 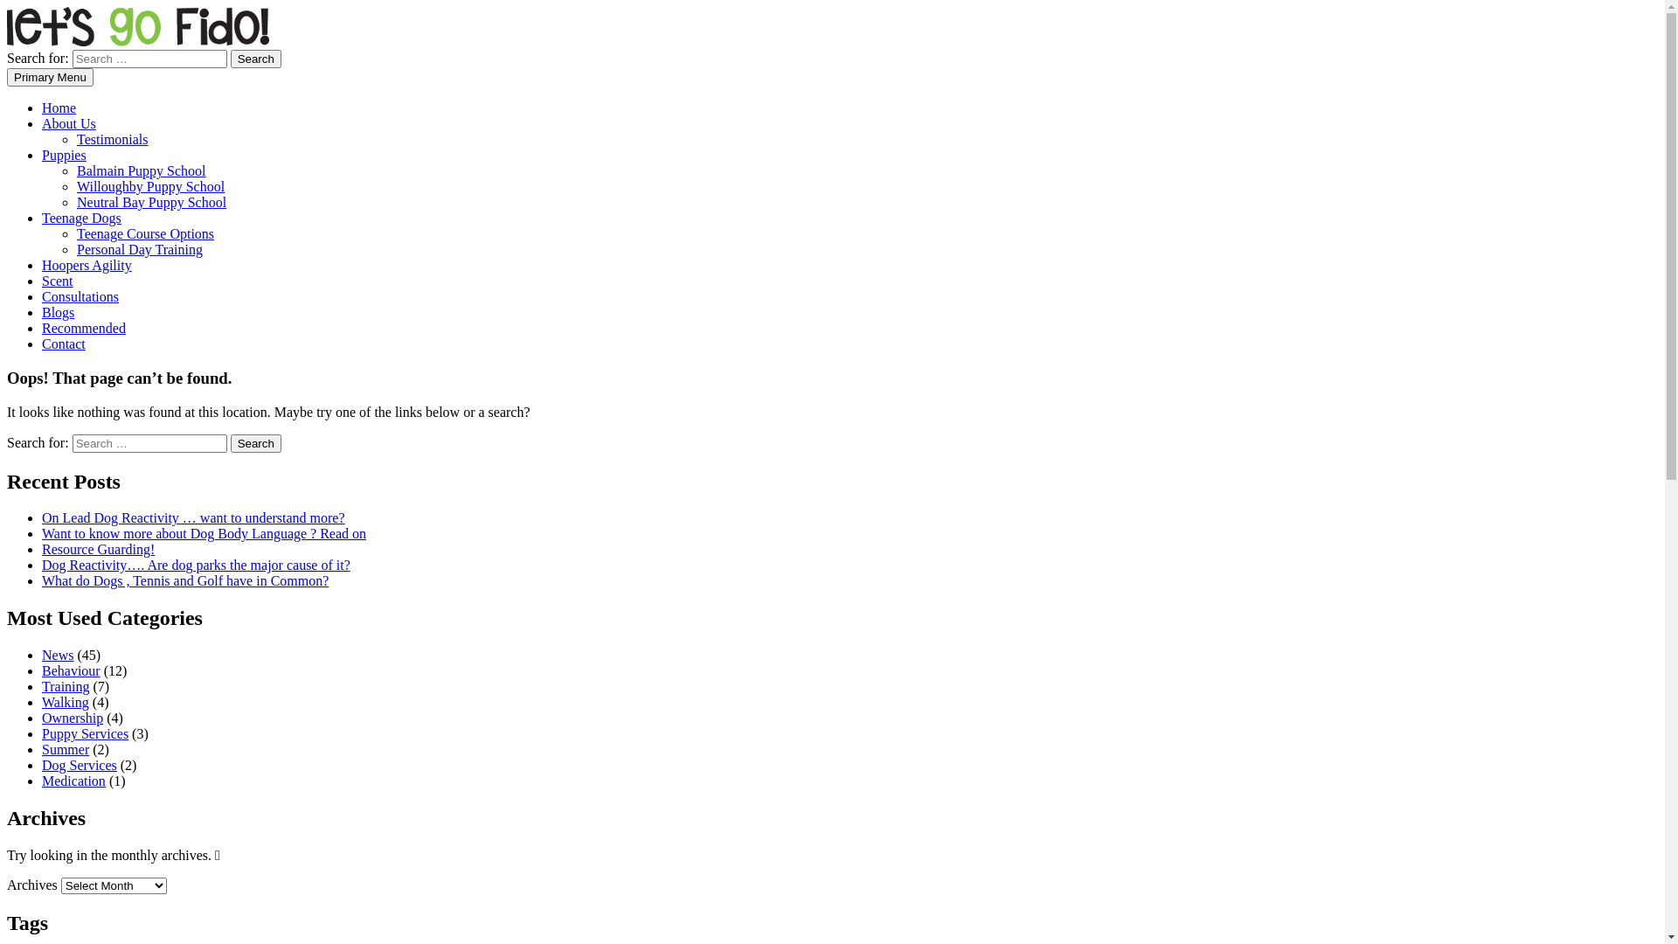 What do you see at coordinates (150, 186) in the screenshot?
I see `'Willoughby Puppy School'` at bounding box center [150, 186].